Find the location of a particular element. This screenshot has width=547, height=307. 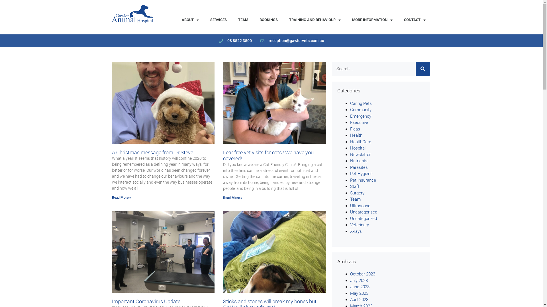

'CONTACT' is located at coordinates (415, 19).